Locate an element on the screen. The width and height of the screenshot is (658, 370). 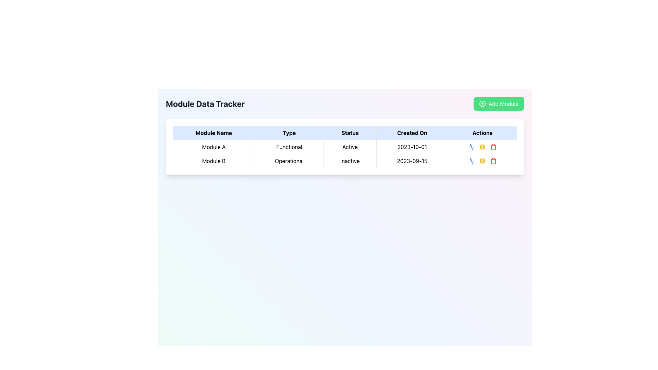
the settings icon button located in the actions column of the second row in the 'Module Data Tracker' table, specifically the third icon to the right of the blue heart-shaped icon and to the left of the red trash bin icon is located at coordinates (482, 146).